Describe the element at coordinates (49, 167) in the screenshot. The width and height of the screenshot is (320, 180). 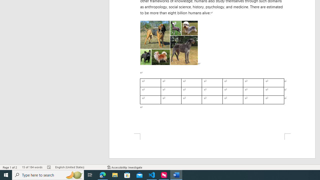
I see `'Spelling and Grammar Check Errors'` at that location.